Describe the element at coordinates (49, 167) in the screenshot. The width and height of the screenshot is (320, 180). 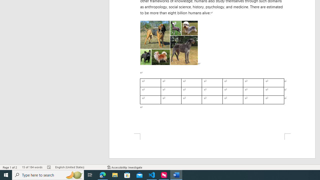
I see `'Spelling and Grammar Check Errors'` at that location.